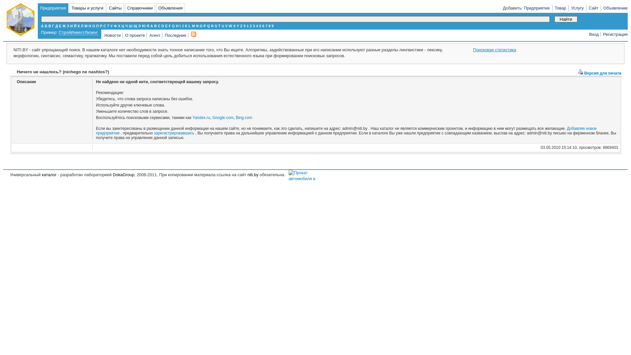  Describe the element at coordinates (257, 25) in the screenshot. I see `'4'` at that location.